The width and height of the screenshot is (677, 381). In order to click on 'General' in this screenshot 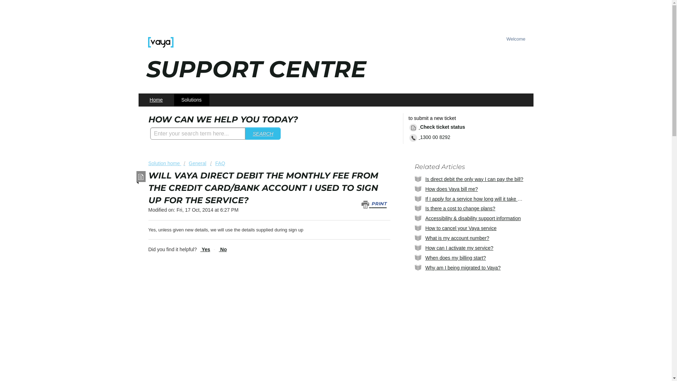, I will do `click(195, 163)`.